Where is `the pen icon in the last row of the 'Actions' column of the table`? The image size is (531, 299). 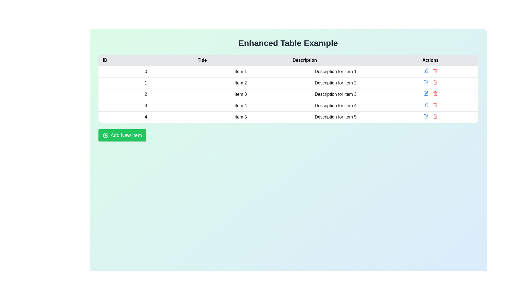
the pen icon in the last row of the 'Actions' column of the table is located at coordinates (426, 115).